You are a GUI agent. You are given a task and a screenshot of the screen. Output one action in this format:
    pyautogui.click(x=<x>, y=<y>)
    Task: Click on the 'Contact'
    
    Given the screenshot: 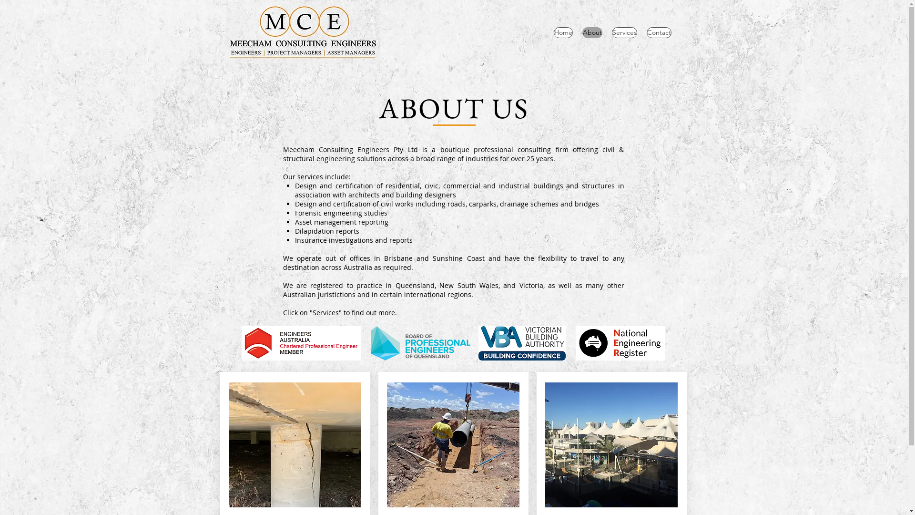 What is the action you would take?
    pyautogui.click(x=658, y=32)
    